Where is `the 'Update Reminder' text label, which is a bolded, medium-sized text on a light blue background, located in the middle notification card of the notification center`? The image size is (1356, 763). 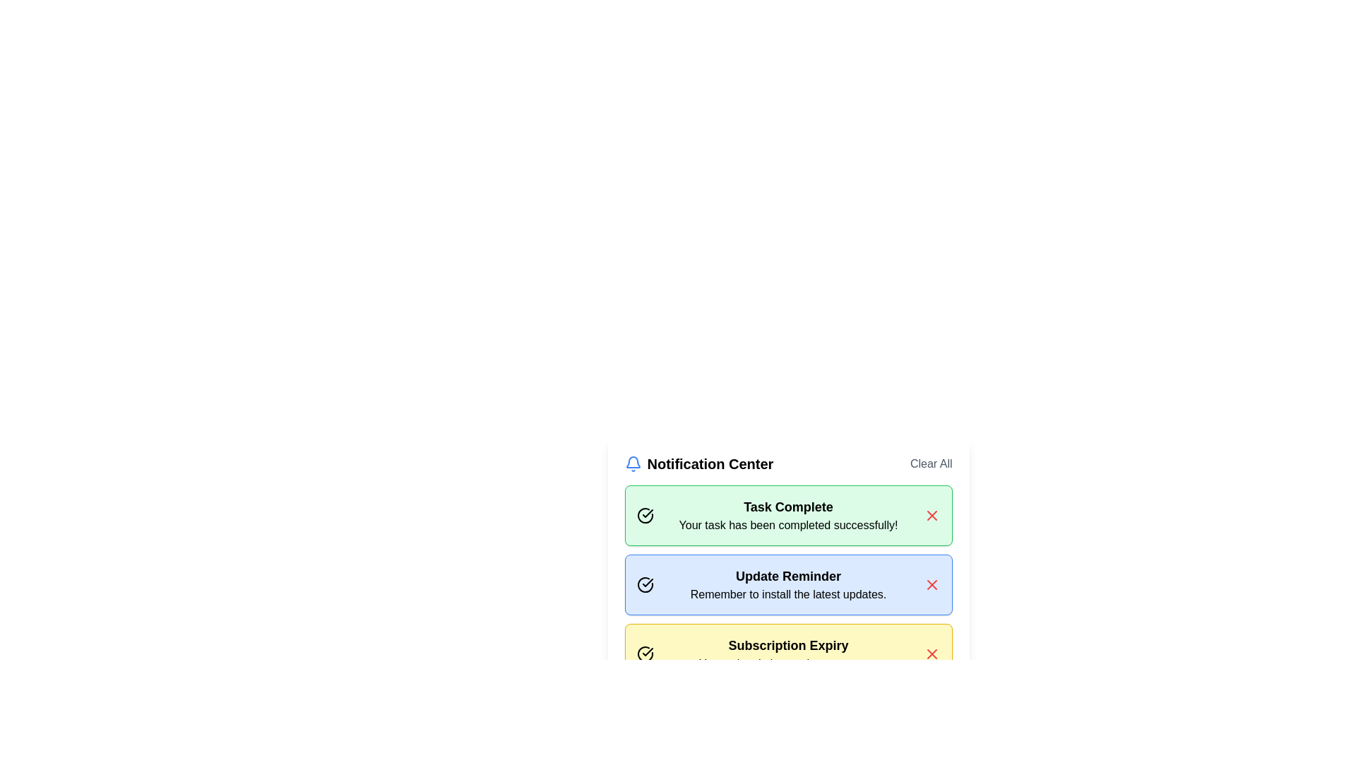 the 'Update Reminder' text label, which is a bolded, medium-sized text on a light blue background, located in the middle notification card of the notification center is located at coordinates (787, 576).